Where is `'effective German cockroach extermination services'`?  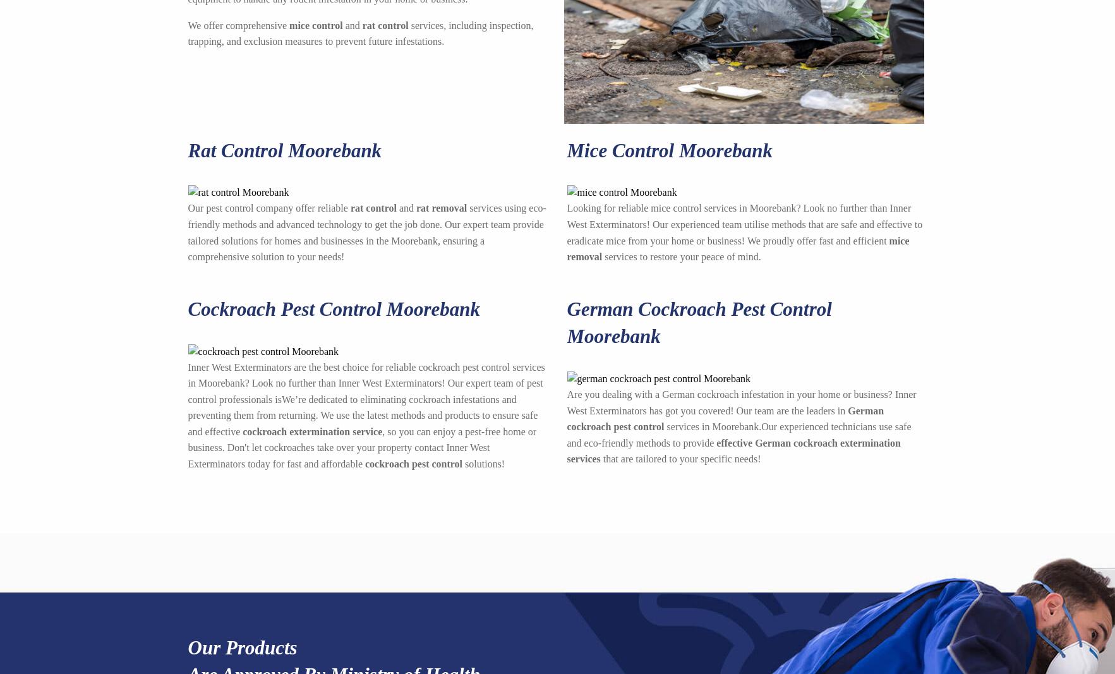 'effective German cockroach extermination services' is located at coordinates (566, 450).